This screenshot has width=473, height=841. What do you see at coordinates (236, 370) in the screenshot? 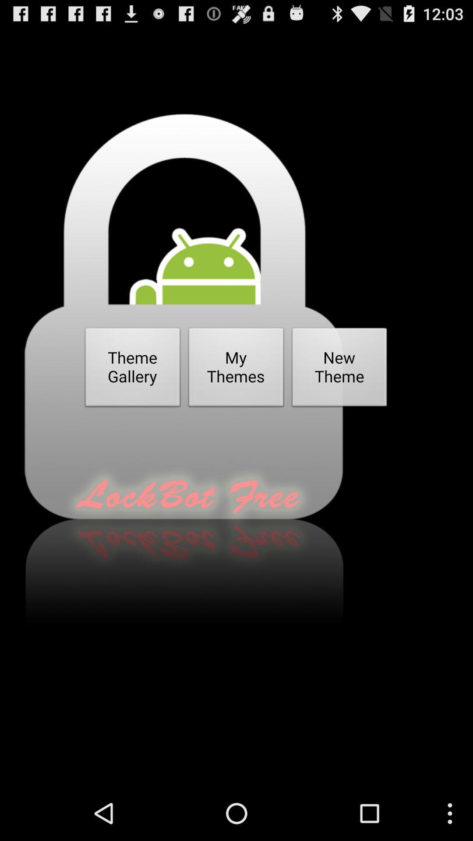
I see `button to the right of theme gallery button` at bounding box center [236, 370].